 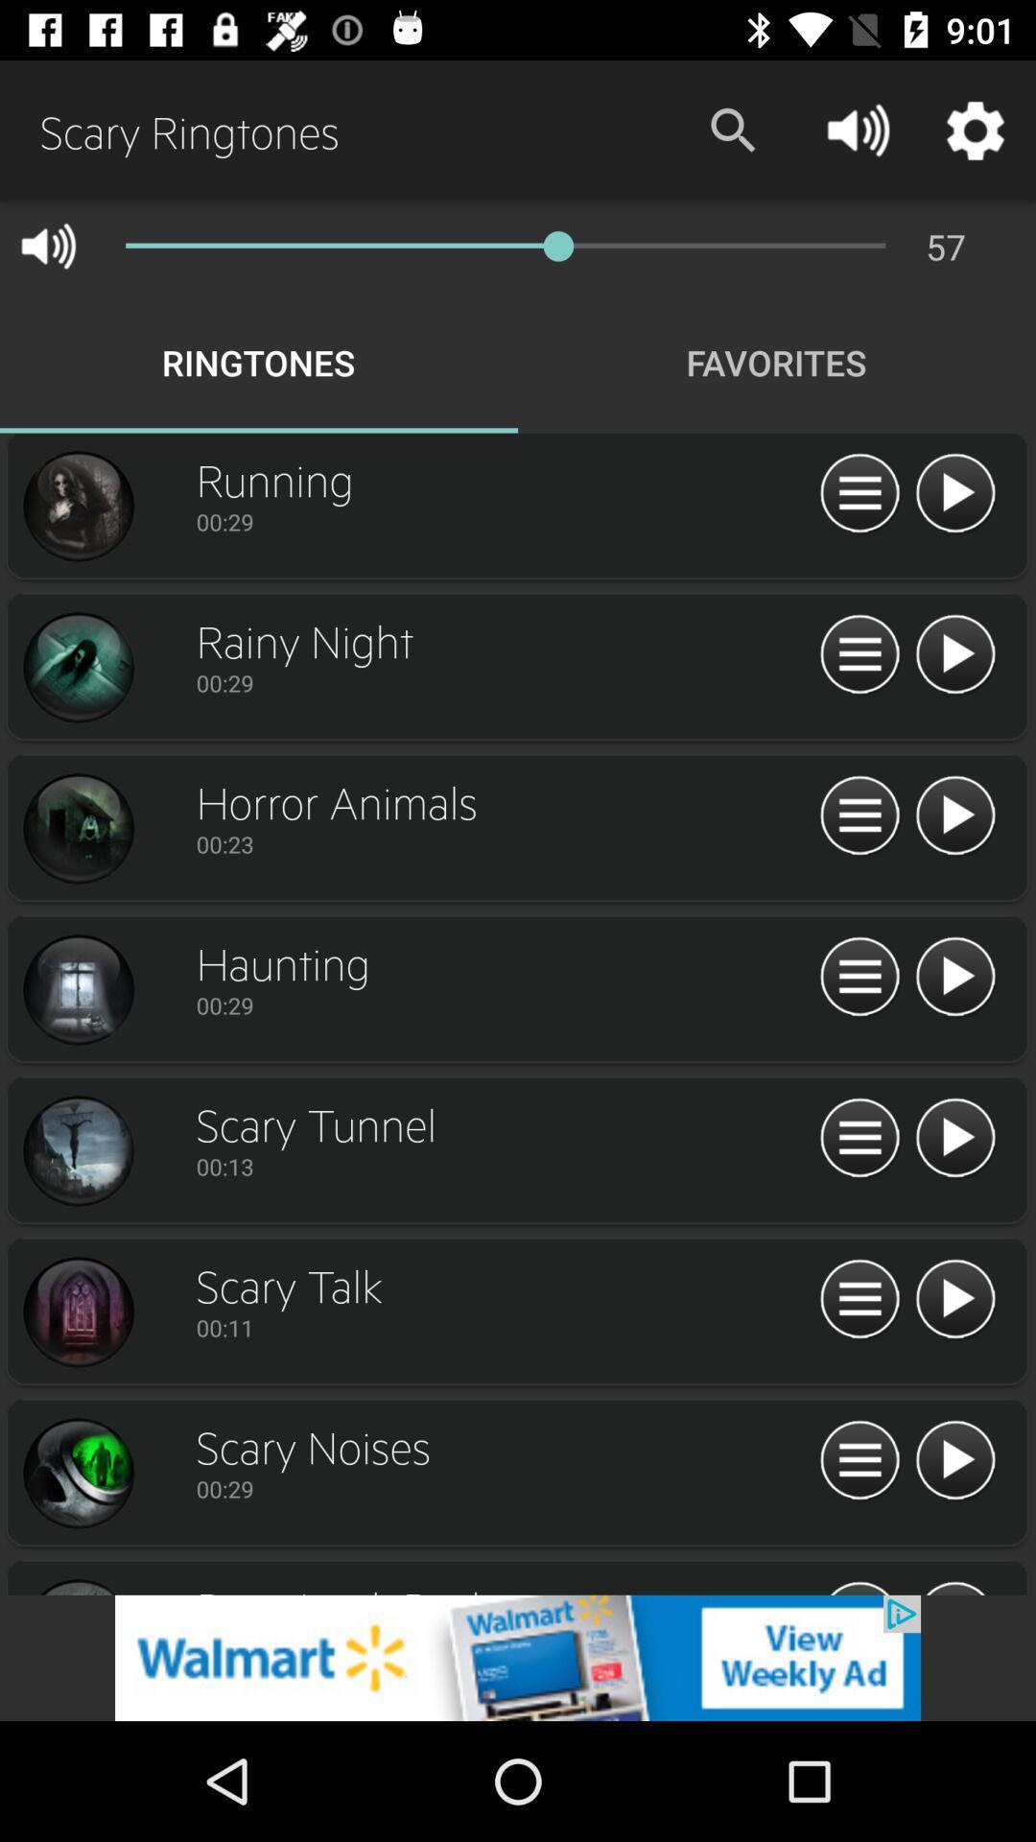 I want to click on audio, so click(x=954, y=494).